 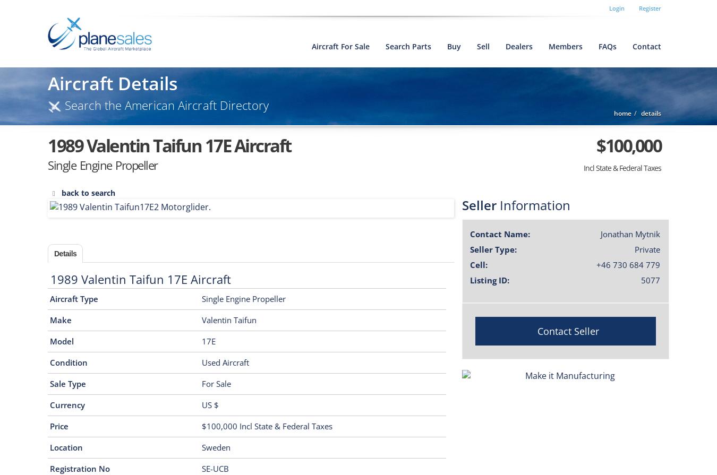 What do you see at coordinates (483, 46) in the screenshot?
I see `'sell'` at bounding box center [483, 46].